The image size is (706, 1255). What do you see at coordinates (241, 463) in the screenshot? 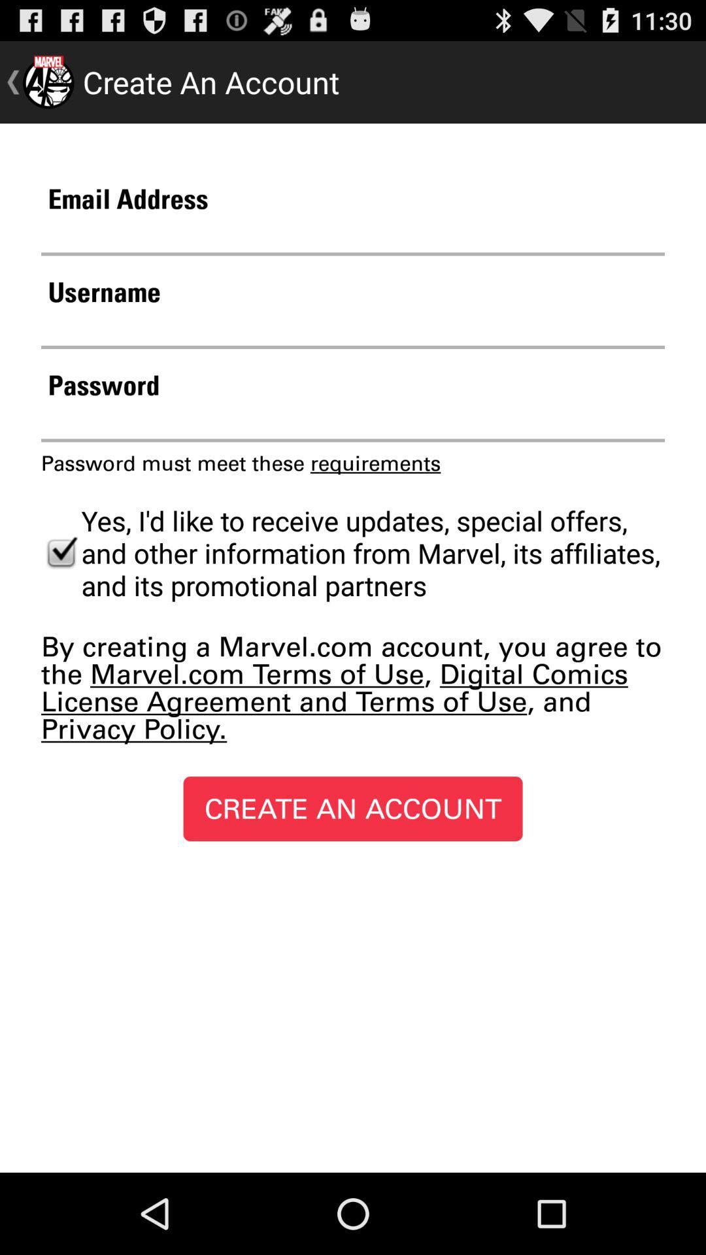
I see `the immediate statement under the password field` at bounding box center [241, 463].